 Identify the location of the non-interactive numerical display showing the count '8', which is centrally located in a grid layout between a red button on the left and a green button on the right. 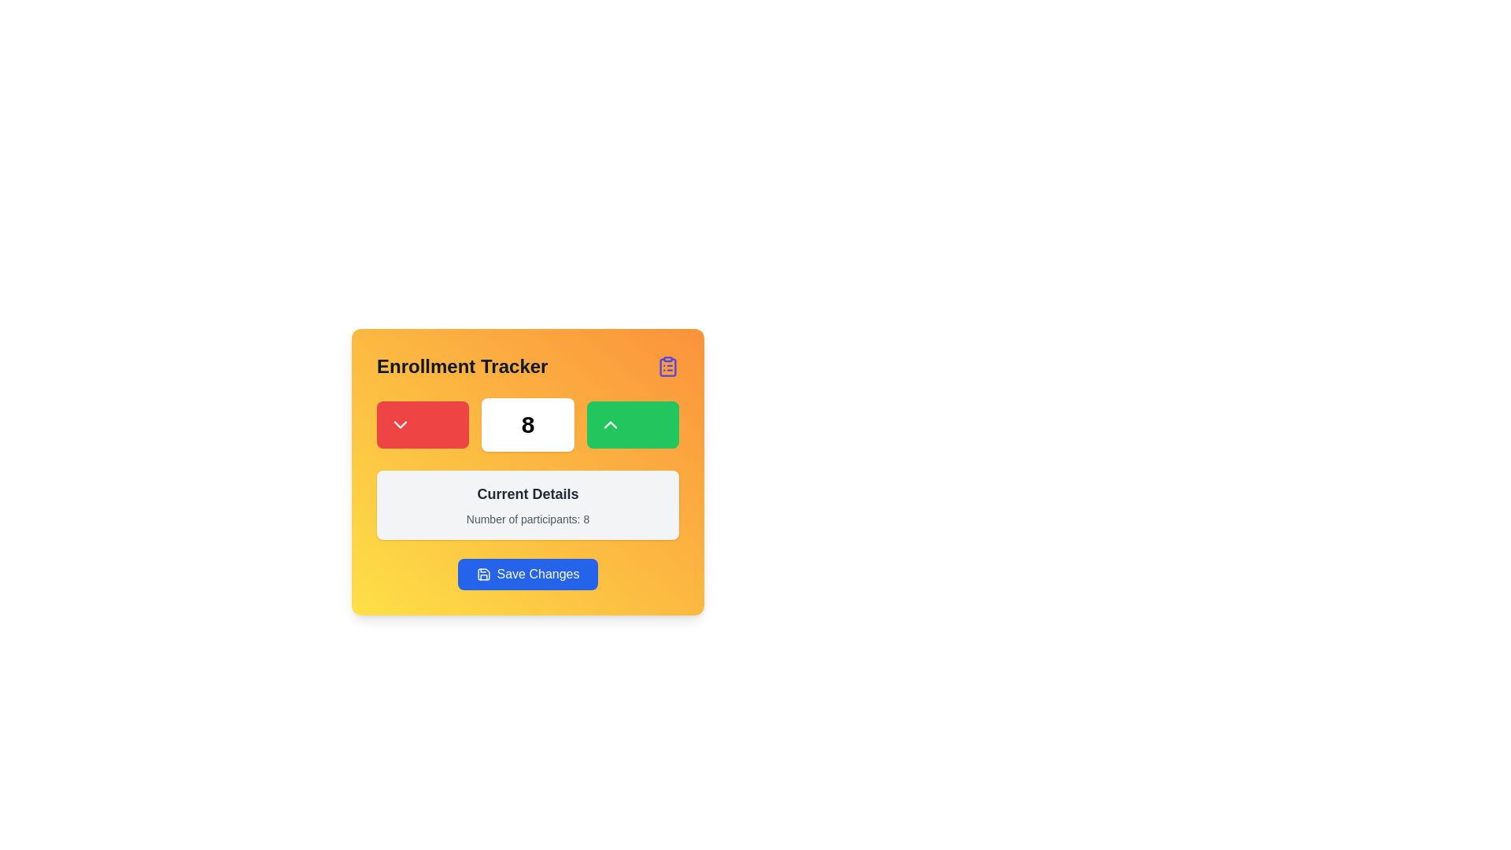
(528, 425).